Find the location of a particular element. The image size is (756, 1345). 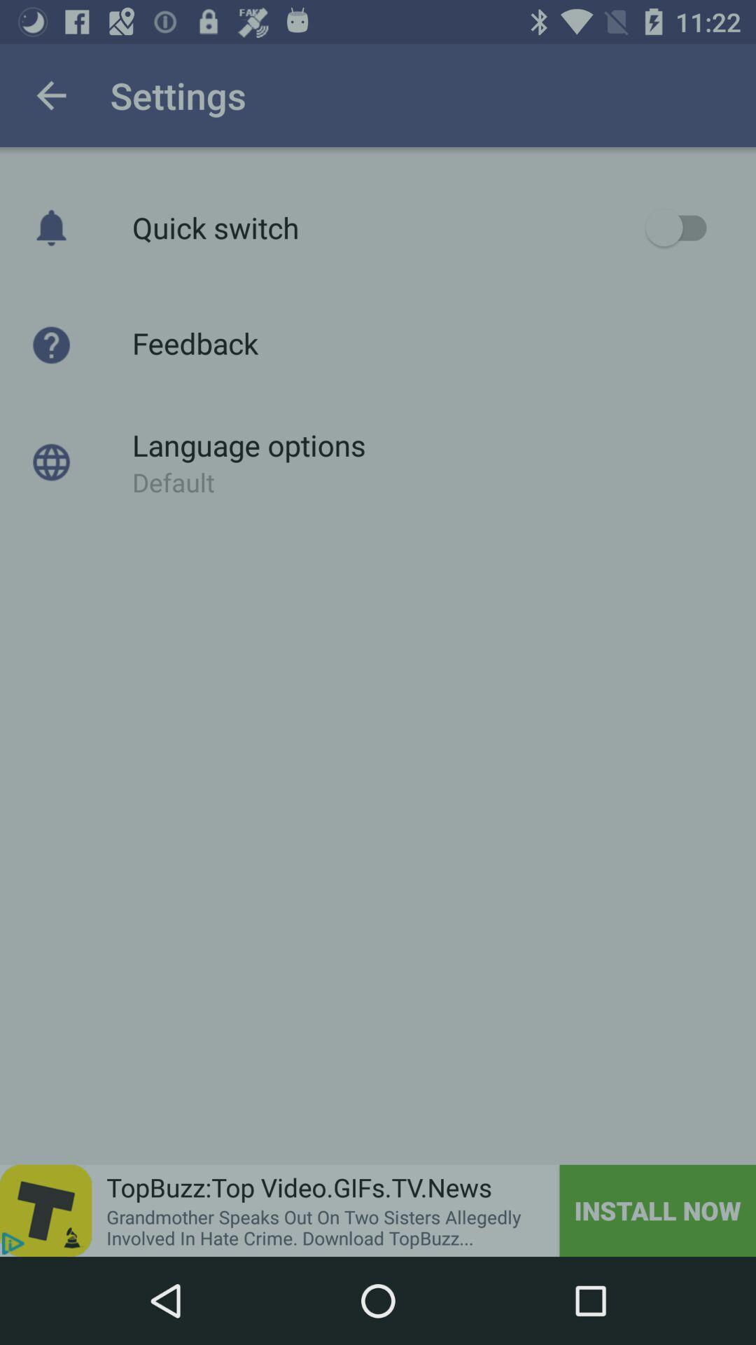

the font icon is located at coordinates (45, 1210).